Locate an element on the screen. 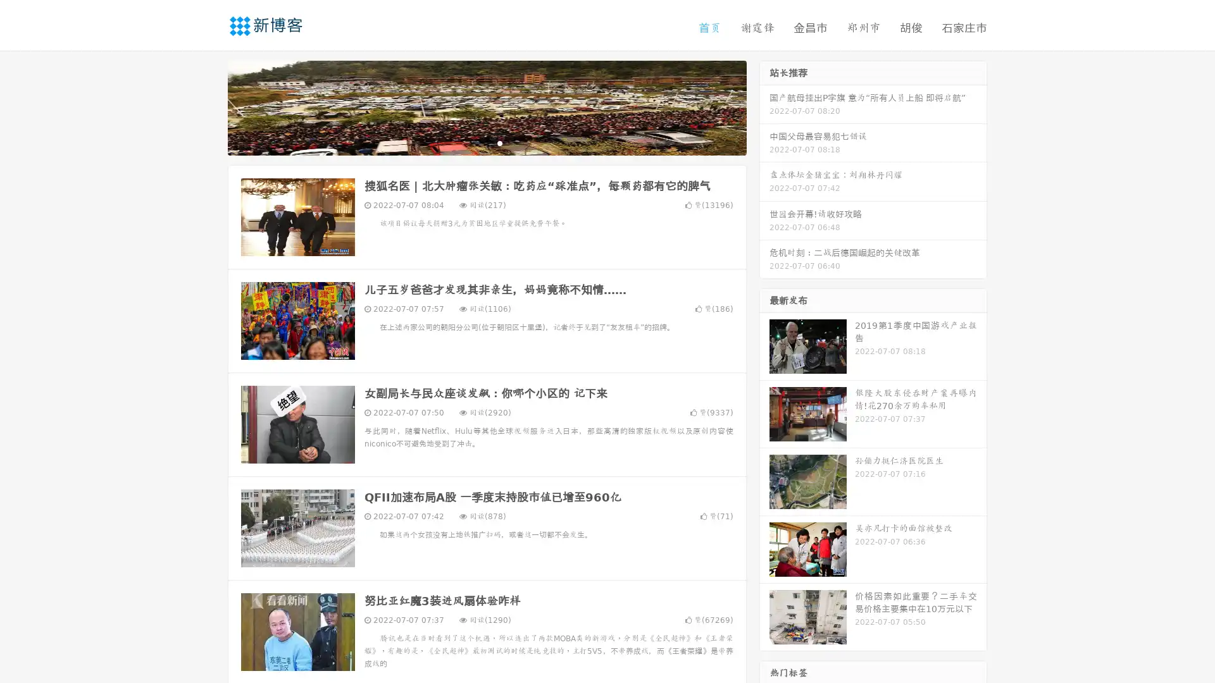 Image resolution: width=1215 pixels, height=683 pixels. Next slide is located at coordinates (764, 106).